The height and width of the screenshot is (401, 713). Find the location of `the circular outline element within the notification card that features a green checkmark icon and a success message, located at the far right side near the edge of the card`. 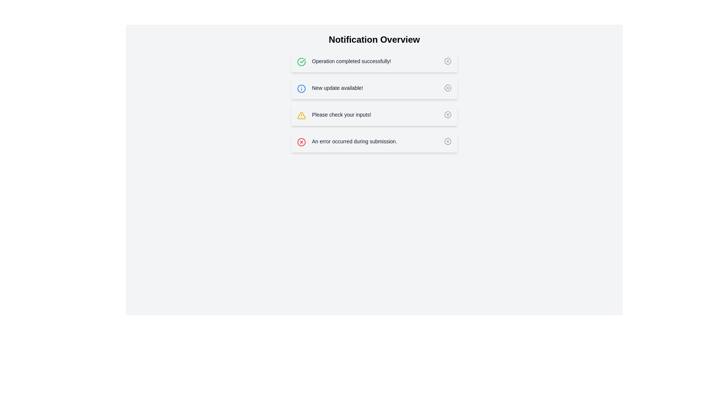

the circular outline element within the notification card that features a green checkmark icon and a success message, located at the far right side near the edge of the card is located at coordinates (447, 61).